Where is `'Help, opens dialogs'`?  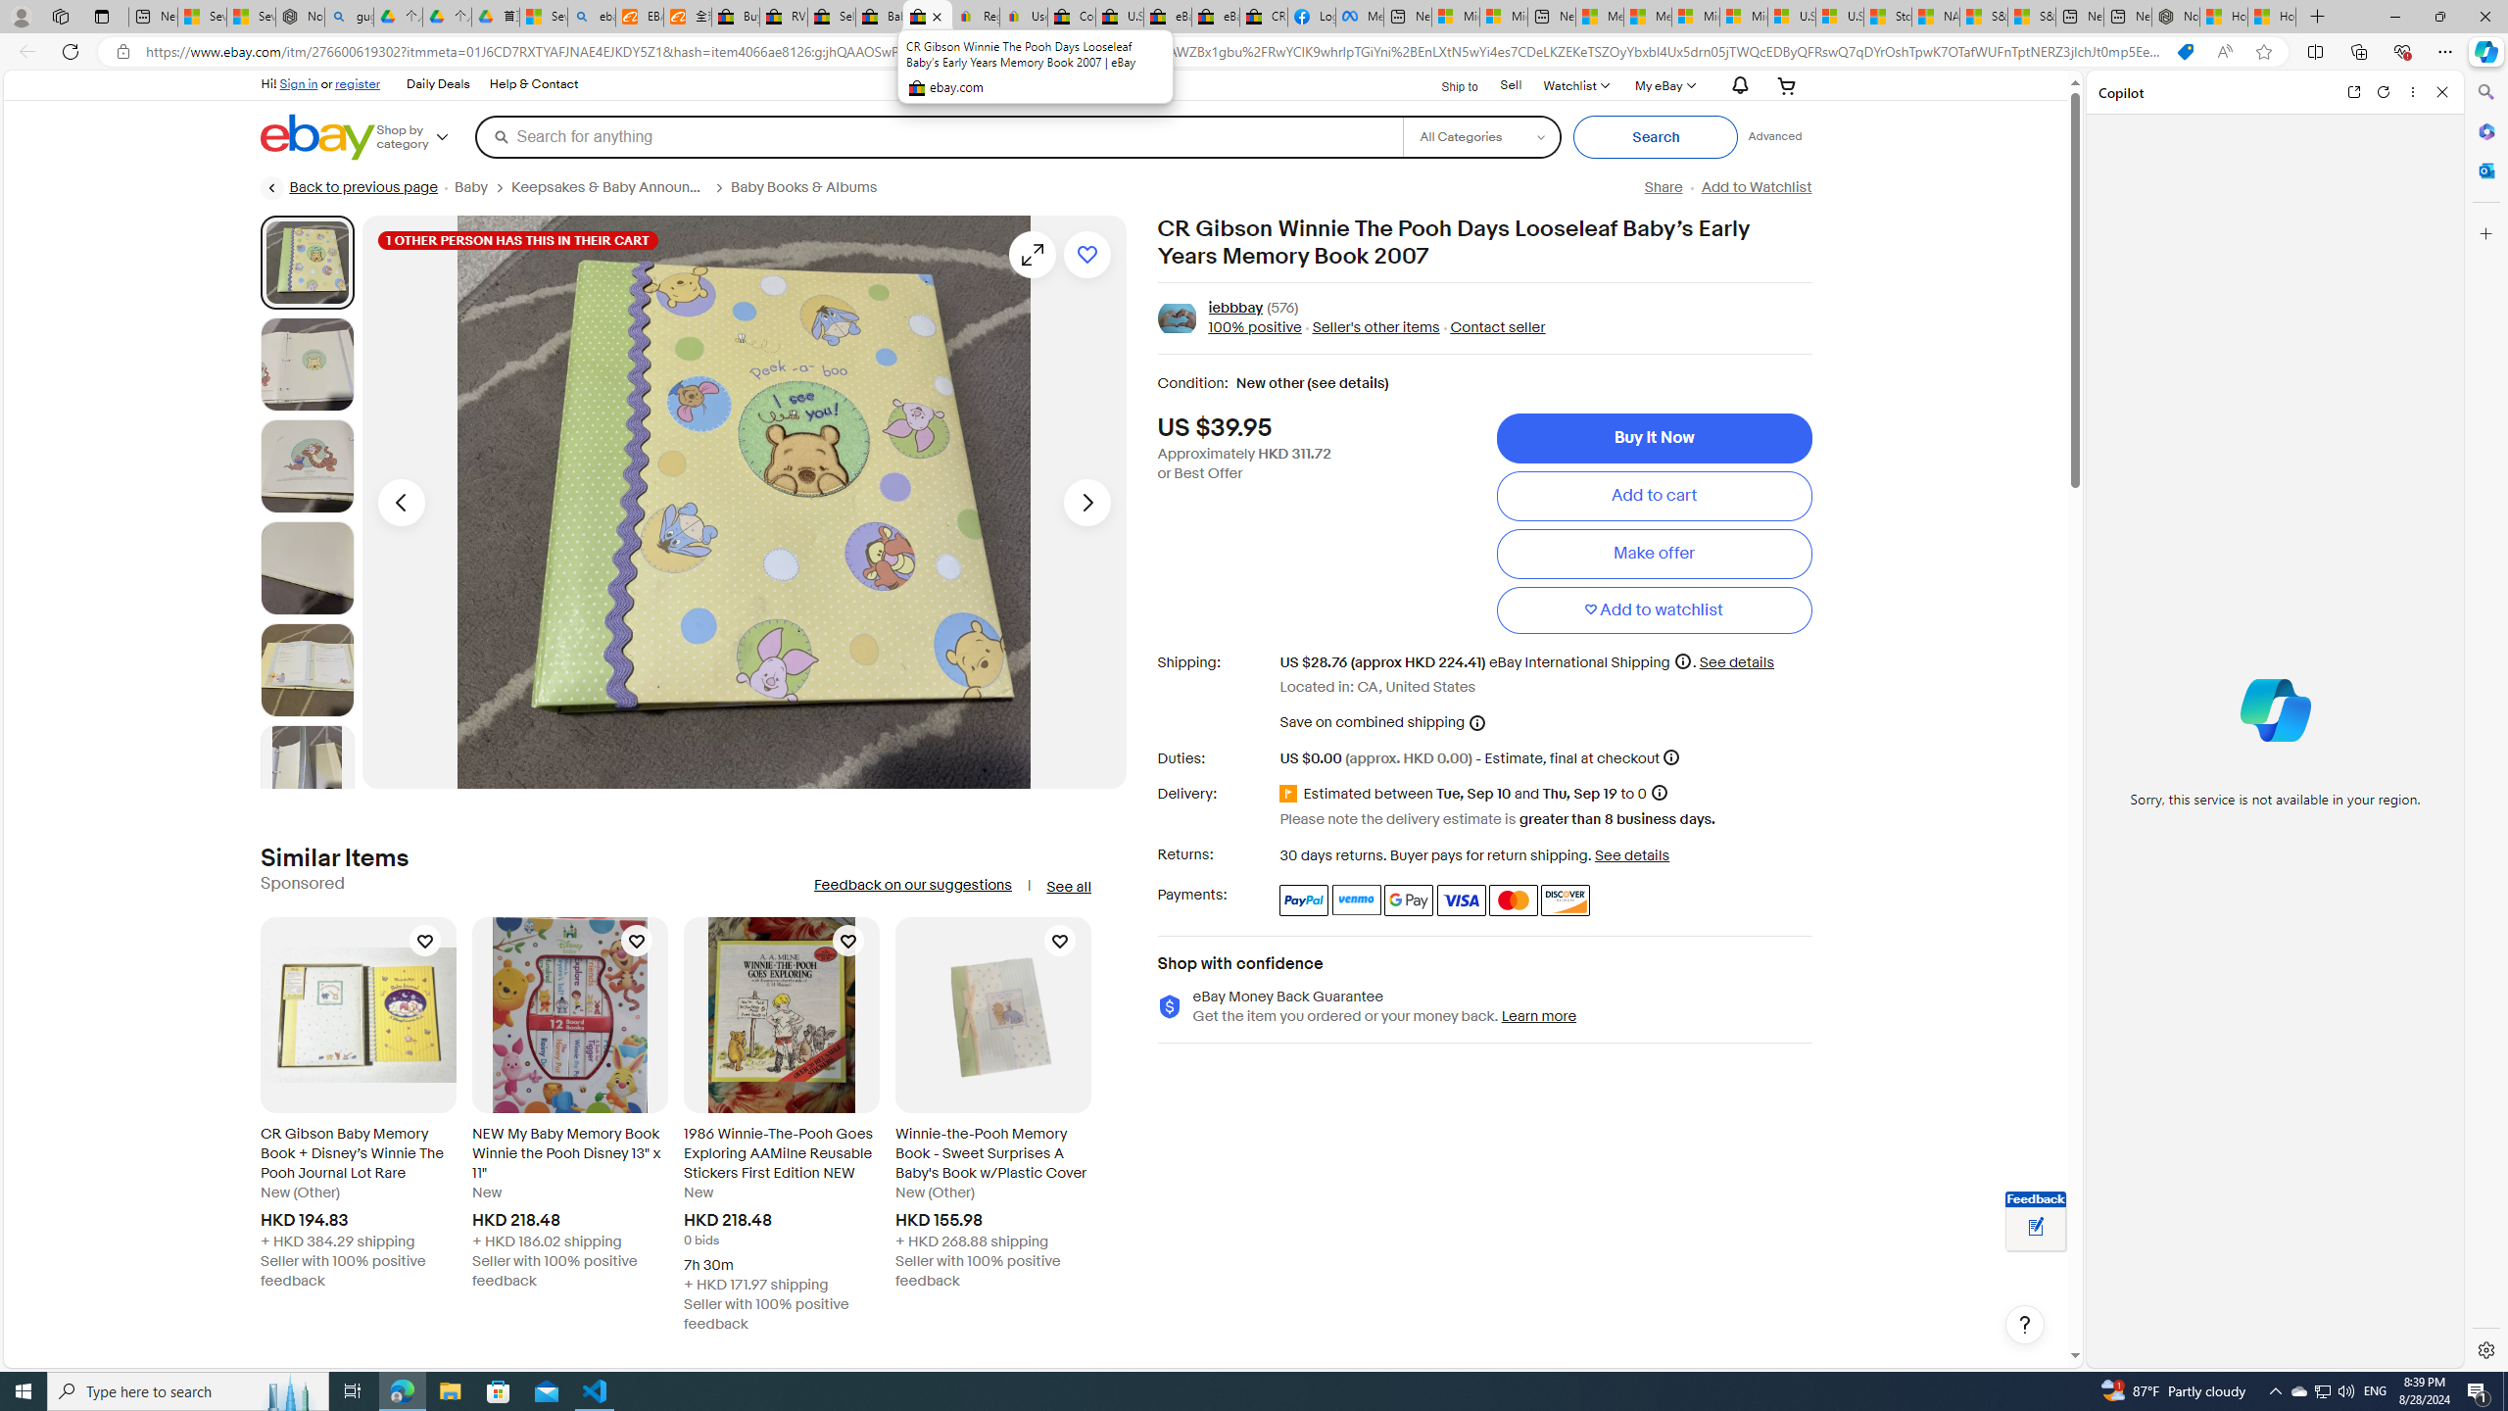 'Help, opens dialogs' is located at coordinates (2024, 1324).